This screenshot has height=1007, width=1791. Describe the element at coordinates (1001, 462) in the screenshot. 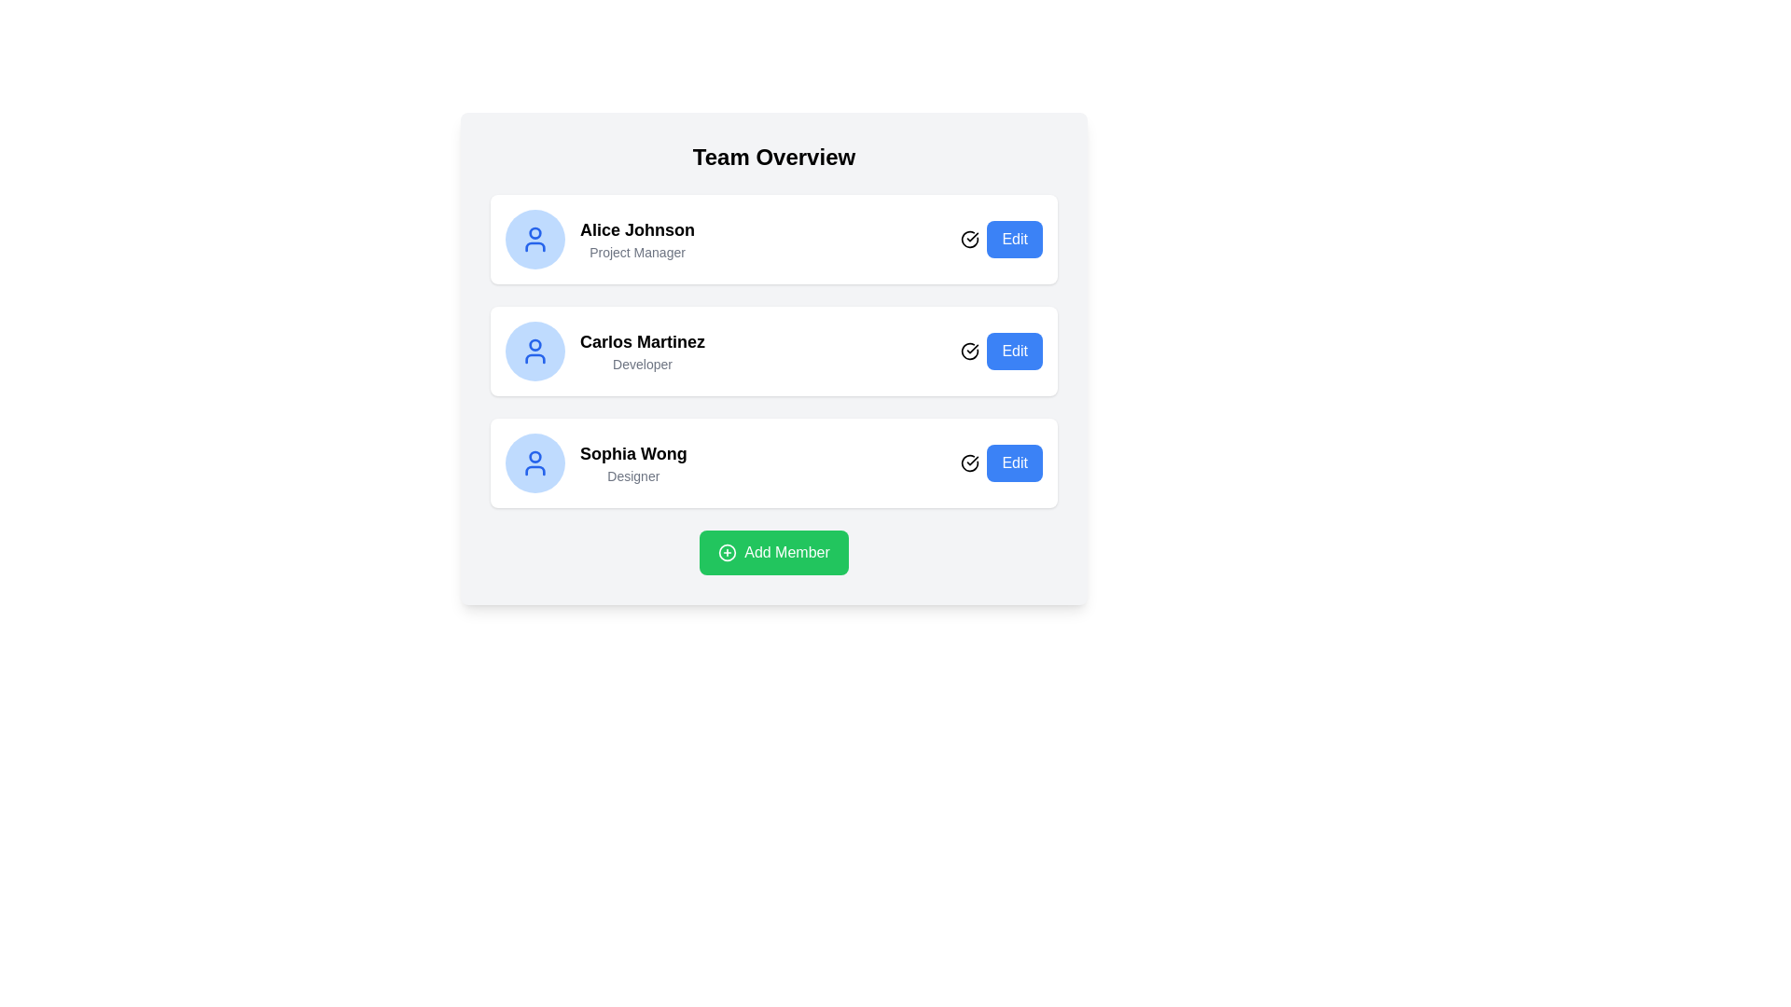

I see `the 'Edit' button with white text on a blue background located at the bottom right of the list item for 'Sophia Wong', which is the third 'Edit' button in a vertical arrangement` at that location.